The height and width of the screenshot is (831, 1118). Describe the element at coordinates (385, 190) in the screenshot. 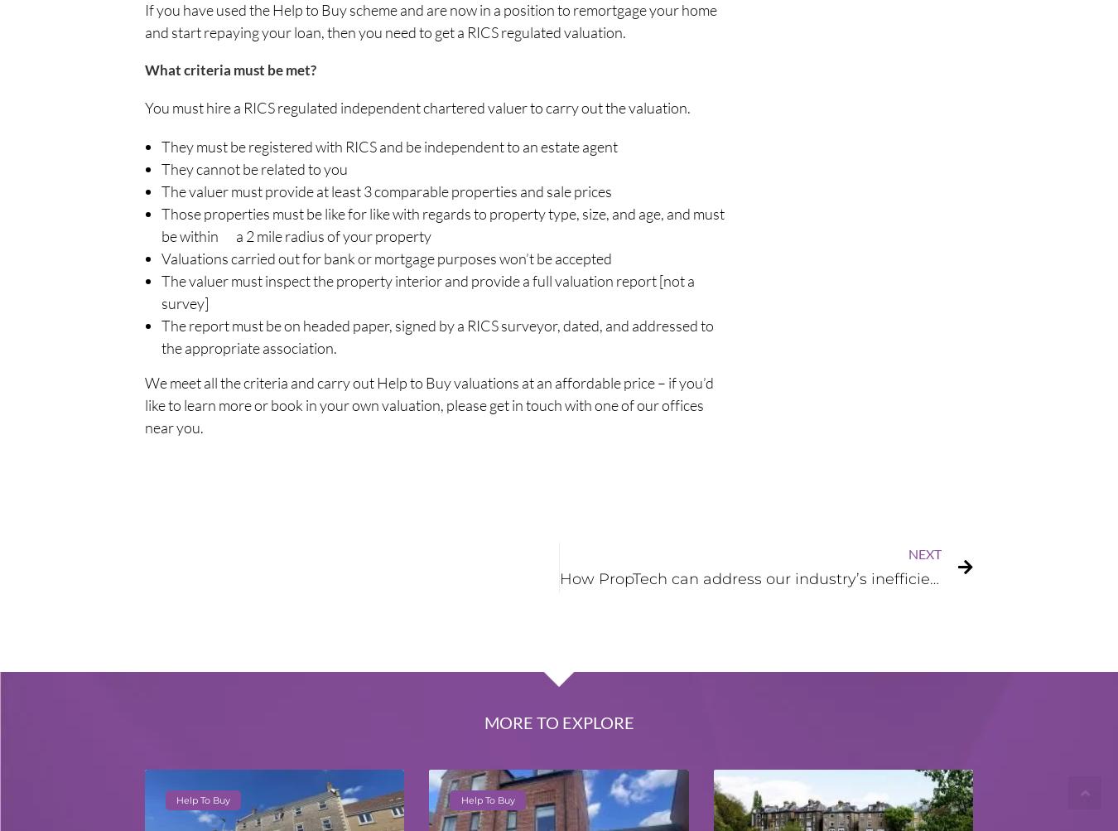

I see `'The valuer must provide at least 3 comparable properties and sale prices'` at that location.